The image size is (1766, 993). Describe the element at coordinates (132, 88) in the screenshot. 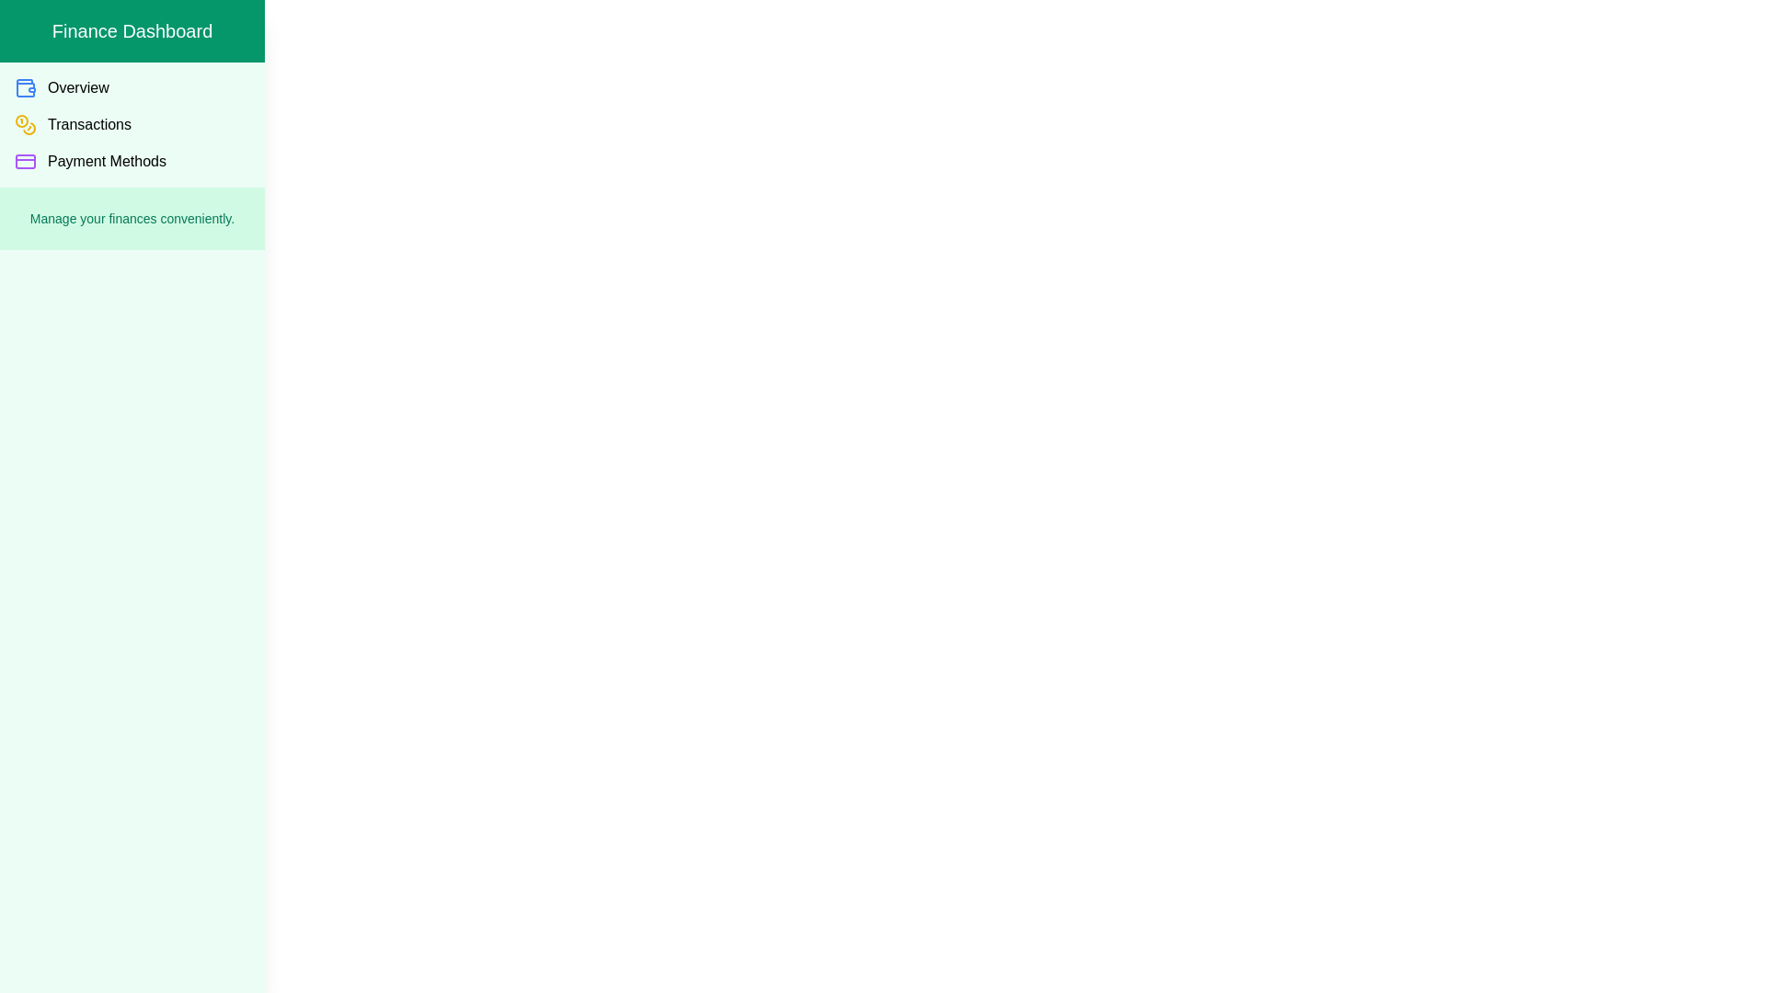

I see `the 'Overview' item in the drawer` at that location.